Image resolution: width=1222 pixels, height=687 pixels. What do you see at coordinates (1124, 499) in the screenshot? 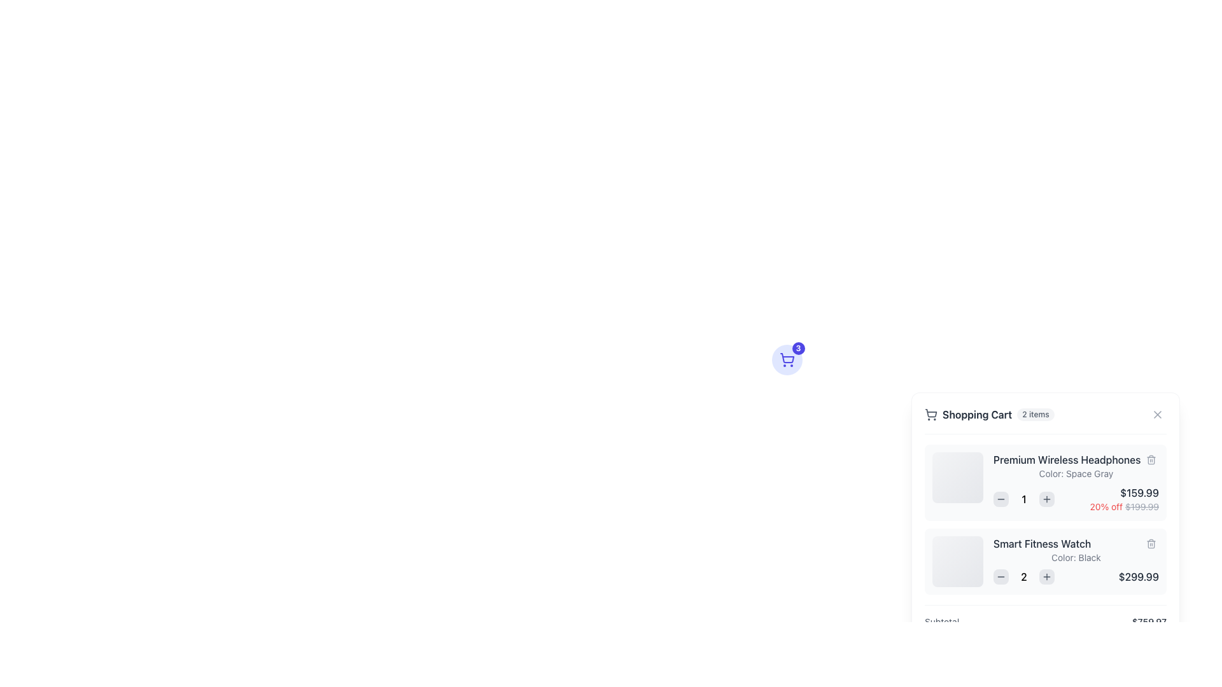
I see `pricing and discount information displayed in the Label for the 'Premium Wireless Headphones' item, which shows '$159.99' in bold black, '20% off' in red, and the original price '$199.99' in gray with a strike-through` at bounding box center [1124, 499].